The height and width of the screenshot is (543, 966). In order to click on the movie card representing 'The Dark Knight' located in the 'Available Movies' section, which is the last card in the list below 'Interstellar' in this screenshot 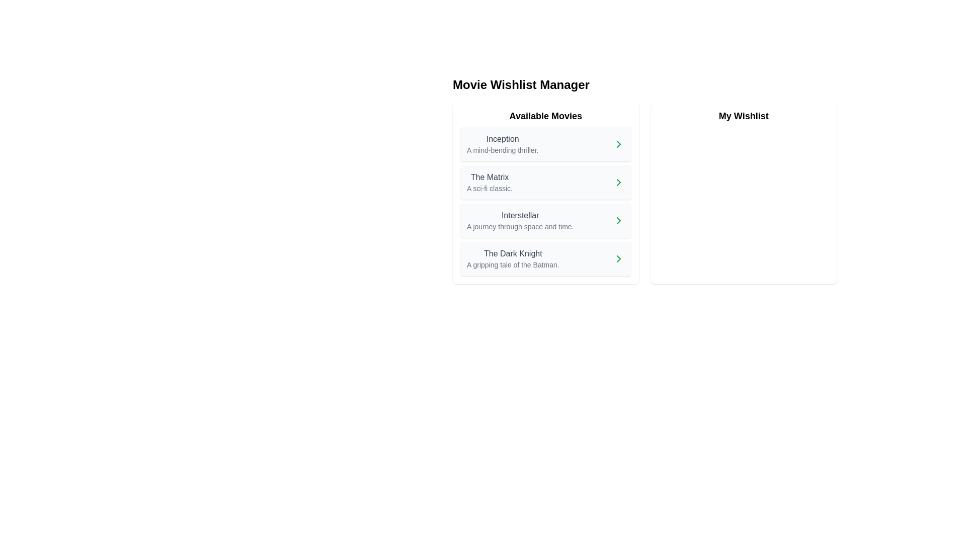, I will do `click(545, 258)`.